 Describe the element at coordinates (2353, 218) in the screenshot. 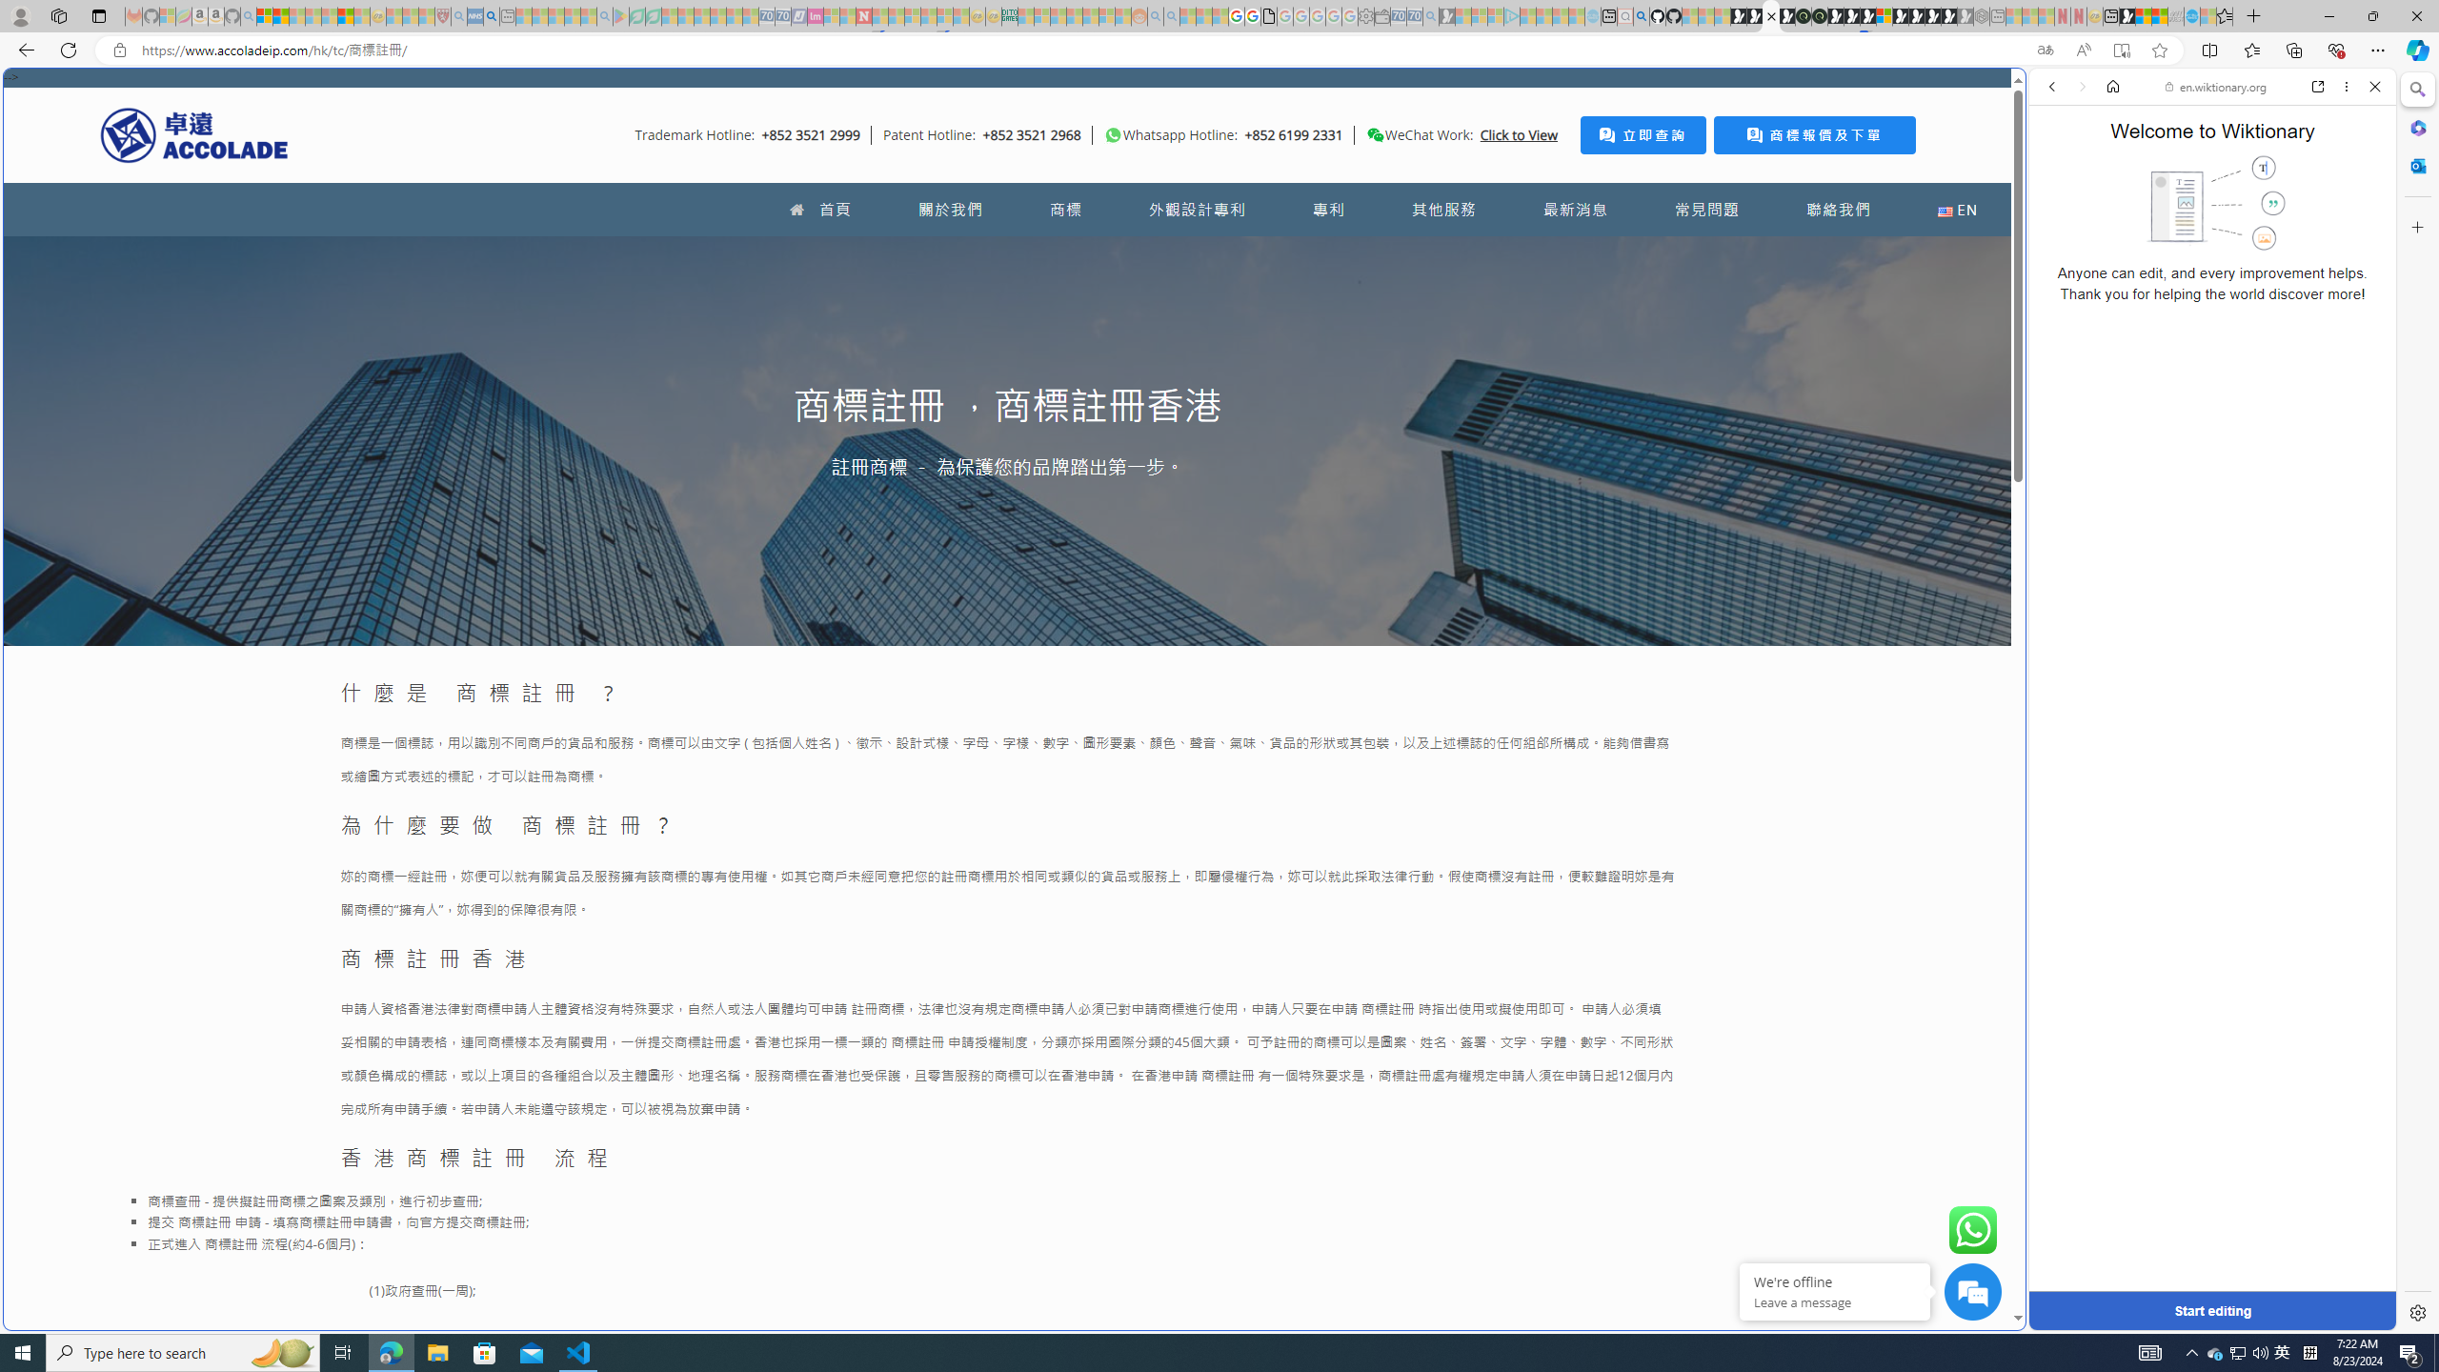

I see `'Class: b_serphb'` at that location.